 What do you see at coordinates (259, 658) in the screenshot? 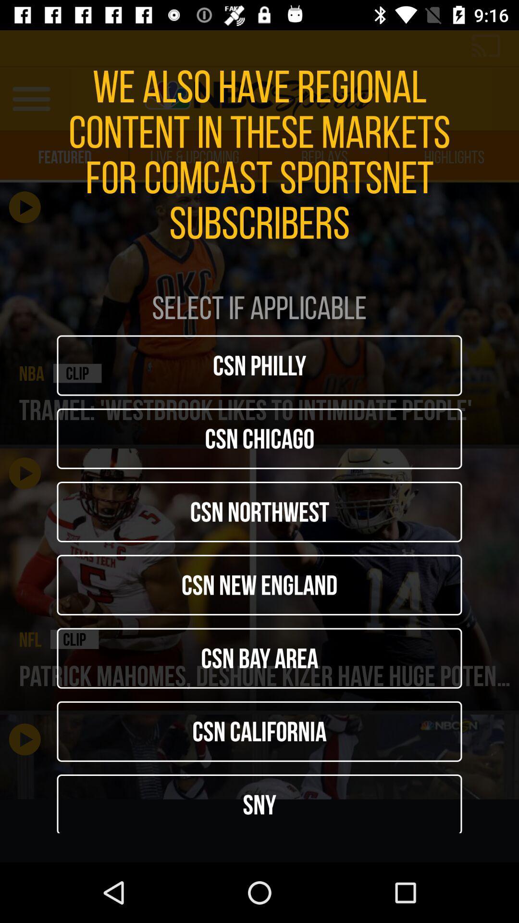
I see `icon above the csn california item` at bounding box center [259, 658].